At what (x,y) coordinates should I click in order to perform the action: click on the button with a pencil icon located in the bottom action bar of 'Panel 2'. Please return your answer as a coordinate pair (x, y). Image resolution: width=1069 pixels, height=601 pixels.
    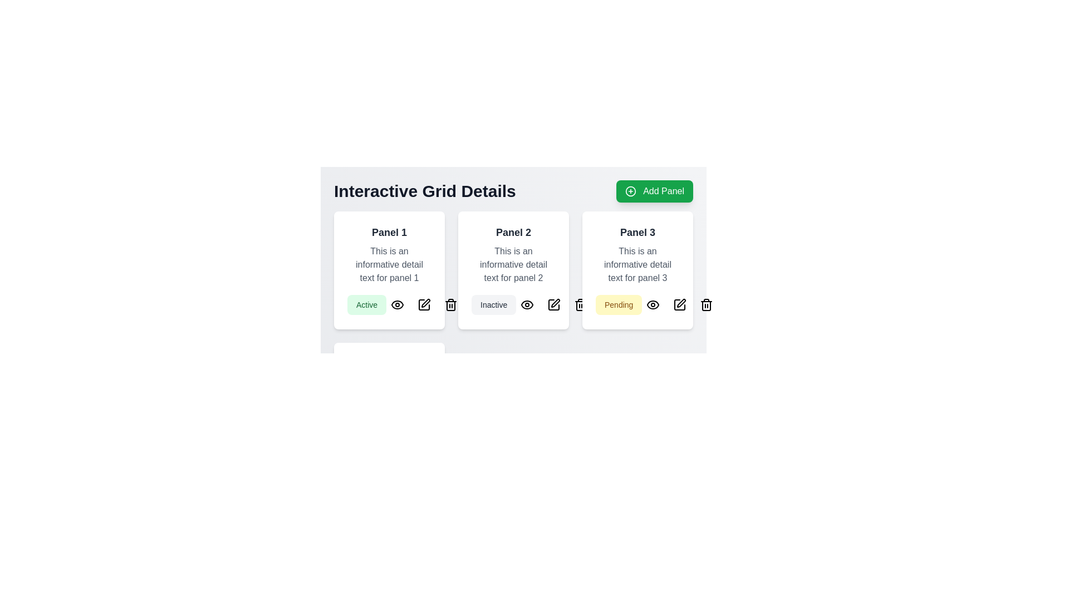
    Looking at the image, I should click on (554, 304).